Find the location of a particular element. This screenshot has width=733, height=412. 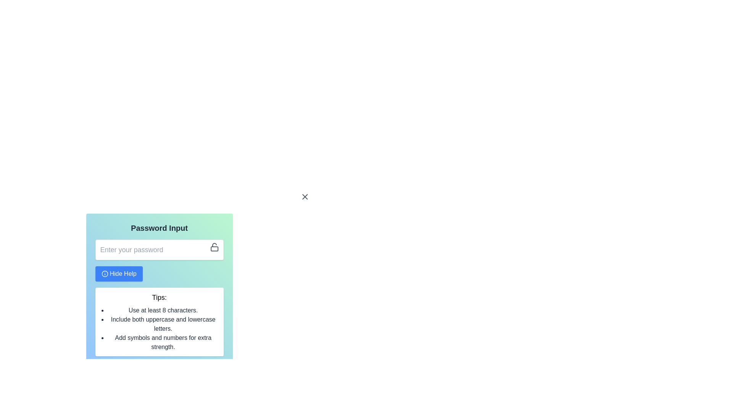

the open lock icon's curved portion representing the shackle, which is part of the password input functionality is located at coordinates (214, 245).